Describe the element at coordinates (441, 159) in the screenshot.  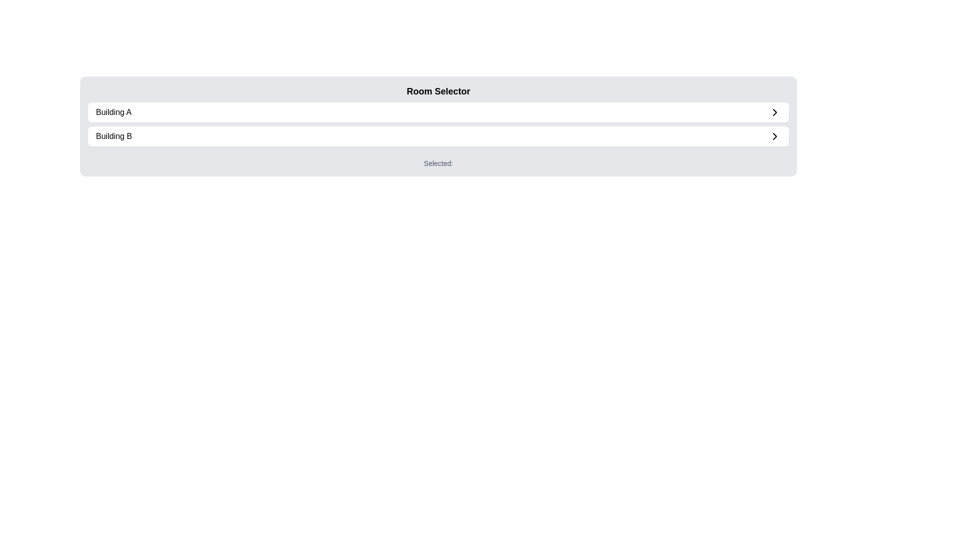
I see `displayed text from the Label or Text Display located beneath the 'Room Selector' heading, which shows the current selection or prompt for a selection` at that location.